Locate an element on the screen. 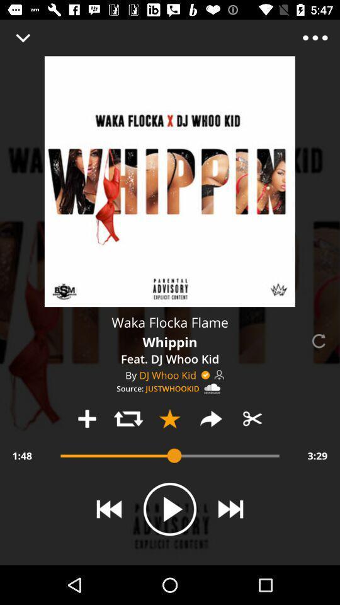 Image resolution: width=340 pixels, height=605 pixels. the expand_more icon is located at coordinates (23, 37).